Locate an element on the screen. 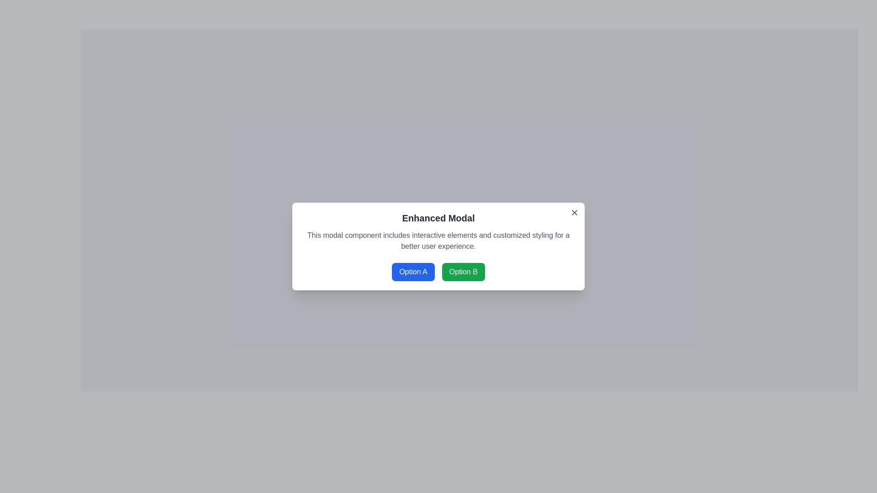 This screenshot has height=493, width=877. the button labeled 'Option A' with a blue background to observe the hover effect is located at coordinates (412, 272).